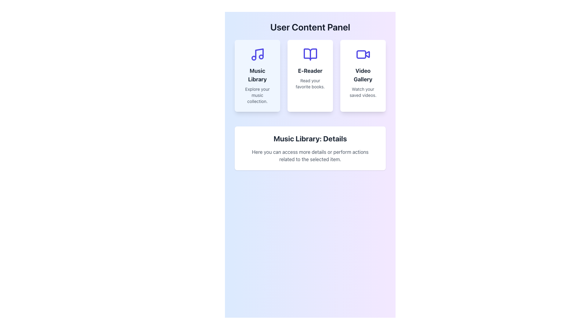  I want to click on the Text label located at the bottom-center of the 'Video Gallery' card, which provides a description about saved videos, so click(363, 92).